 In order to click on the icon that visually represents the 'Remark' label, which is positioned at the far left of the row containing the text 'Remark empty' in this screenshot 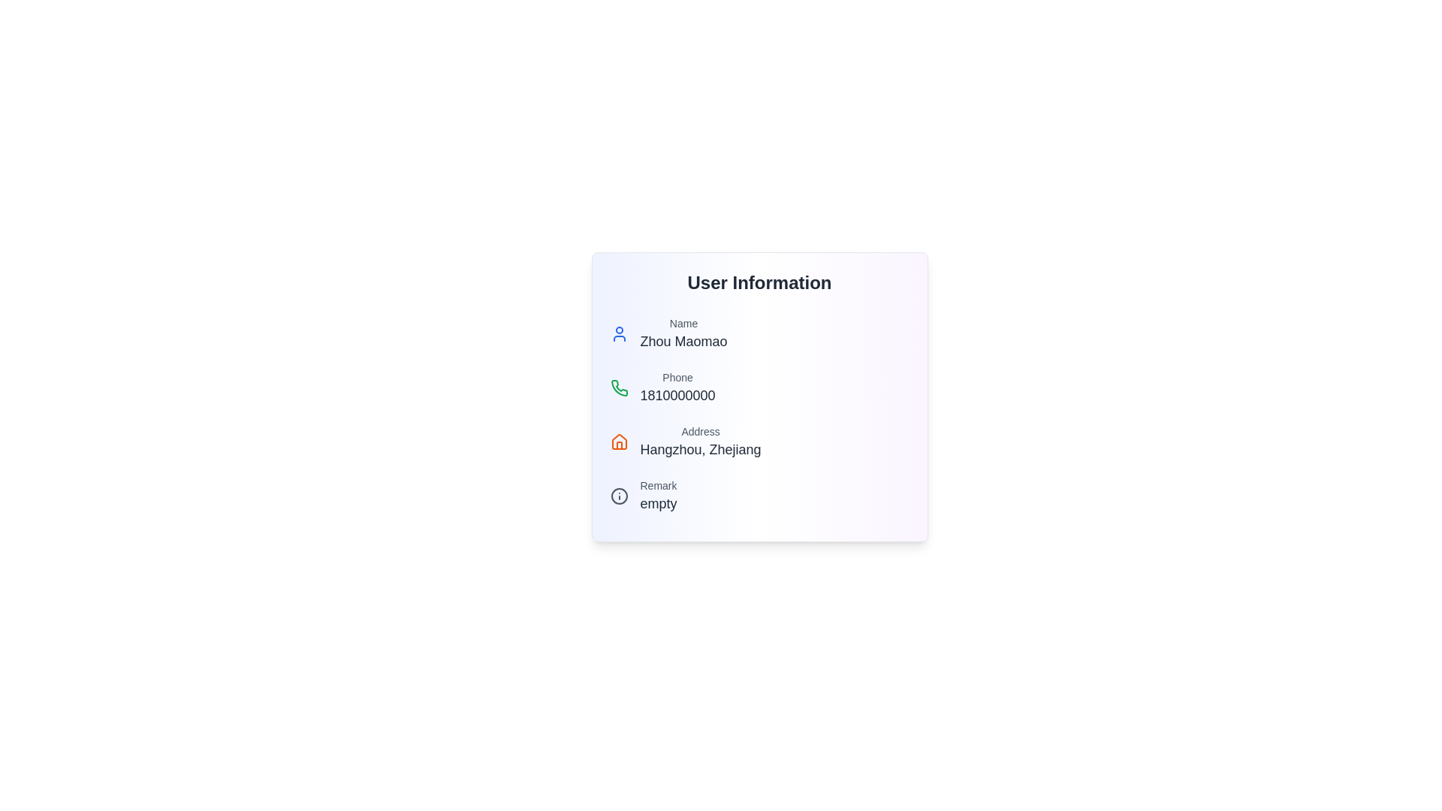, I will do `click(619, 496)`.